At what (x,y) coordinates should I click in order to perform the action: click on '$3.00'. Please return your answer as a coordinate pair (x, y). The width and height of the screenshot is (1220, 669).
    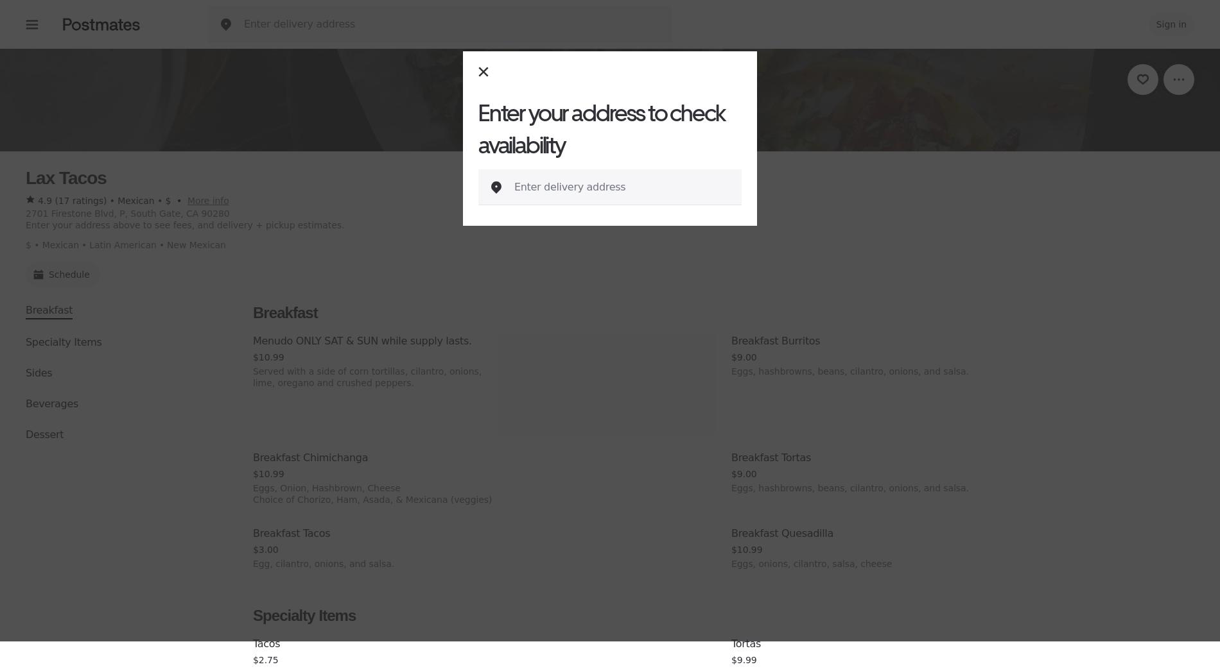
    Looking at the image, I should click on (265, 550).